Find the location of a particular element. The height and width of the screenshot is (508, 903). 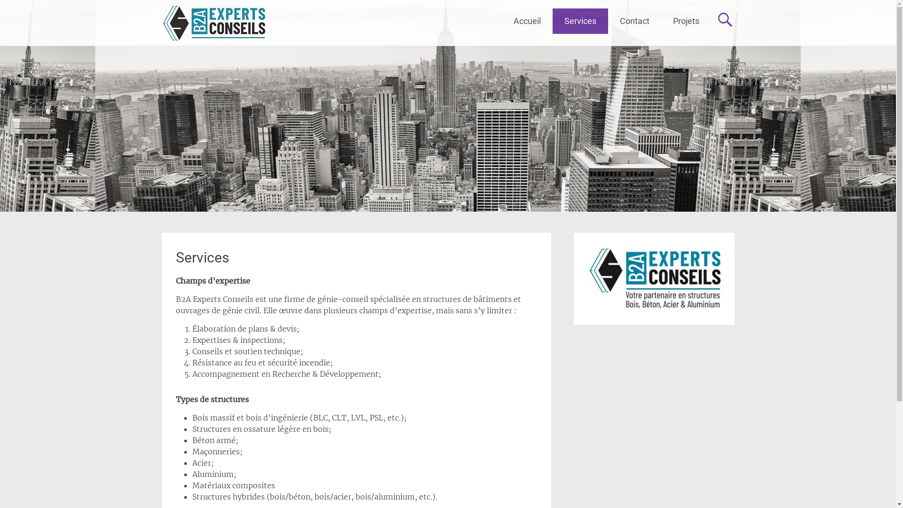

'Aller au contenu principal' is located at coordinates (500, 8).